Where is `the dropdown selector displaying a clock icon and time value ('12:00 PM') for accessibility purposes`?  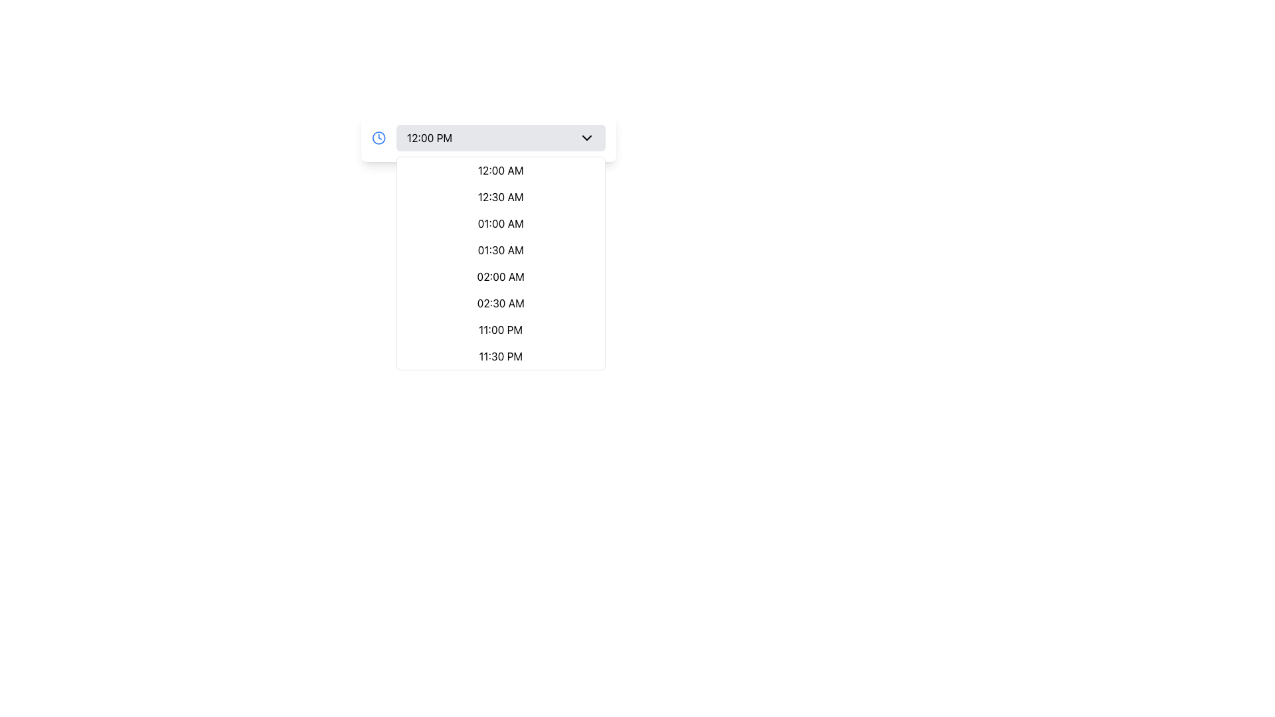 the dropdown selector displaying a clock icon and time value ('12:00 PM') for accessibility purposes is located at coordinates (487, 138).